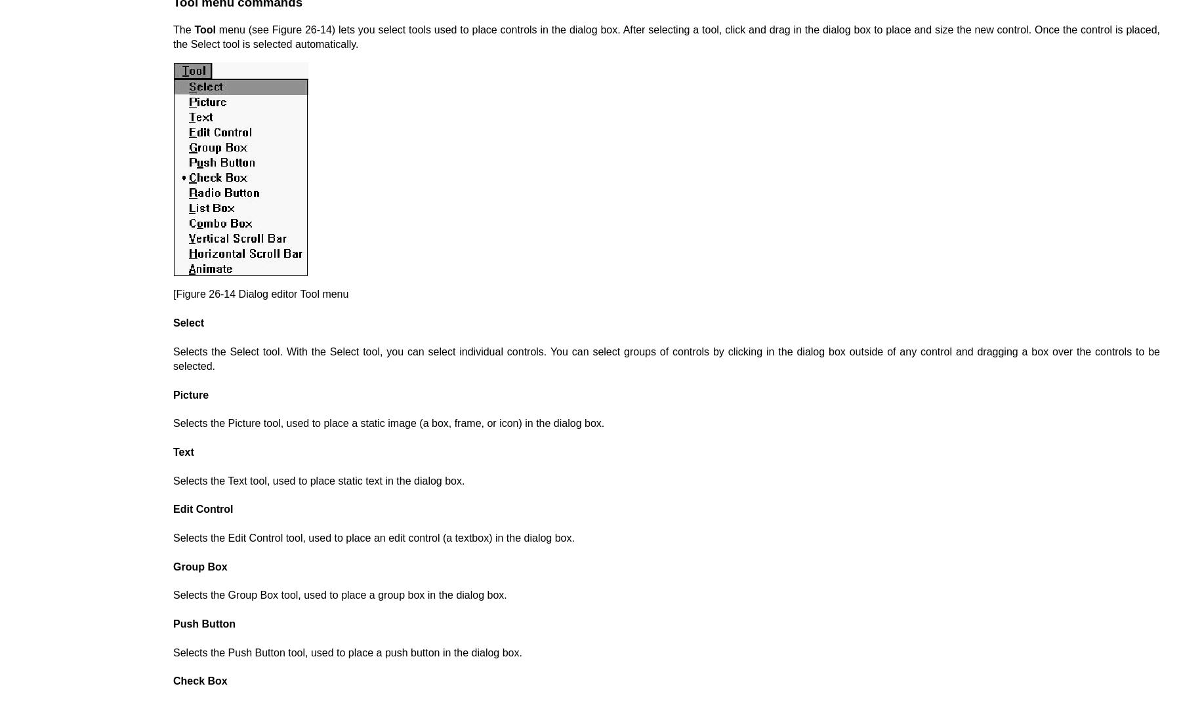 The image size is (1181, 701). Describe the element at coordinates (173, 594) in the screenshot. I see `'Selects the Group Box tool, used to place a group box in the dialog 
box.'` at that location.